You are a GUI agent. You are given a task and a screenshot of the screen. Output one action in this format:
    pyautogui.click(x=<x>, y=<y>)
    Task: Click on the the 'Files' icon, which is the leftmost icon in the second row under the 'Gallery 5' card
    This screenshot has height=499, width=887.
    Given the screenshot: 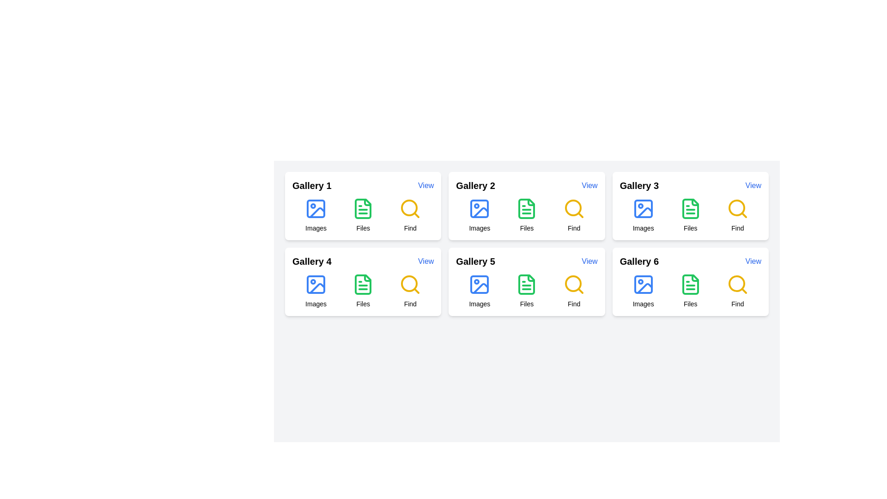 What is the action you would take?
    pyautogui.click(x=527, y=284)
    